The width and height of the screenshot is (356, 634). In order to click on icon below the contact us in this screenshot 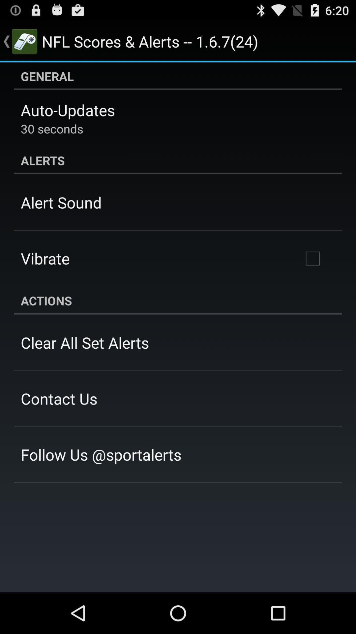, I will do `click(101, 454)`.